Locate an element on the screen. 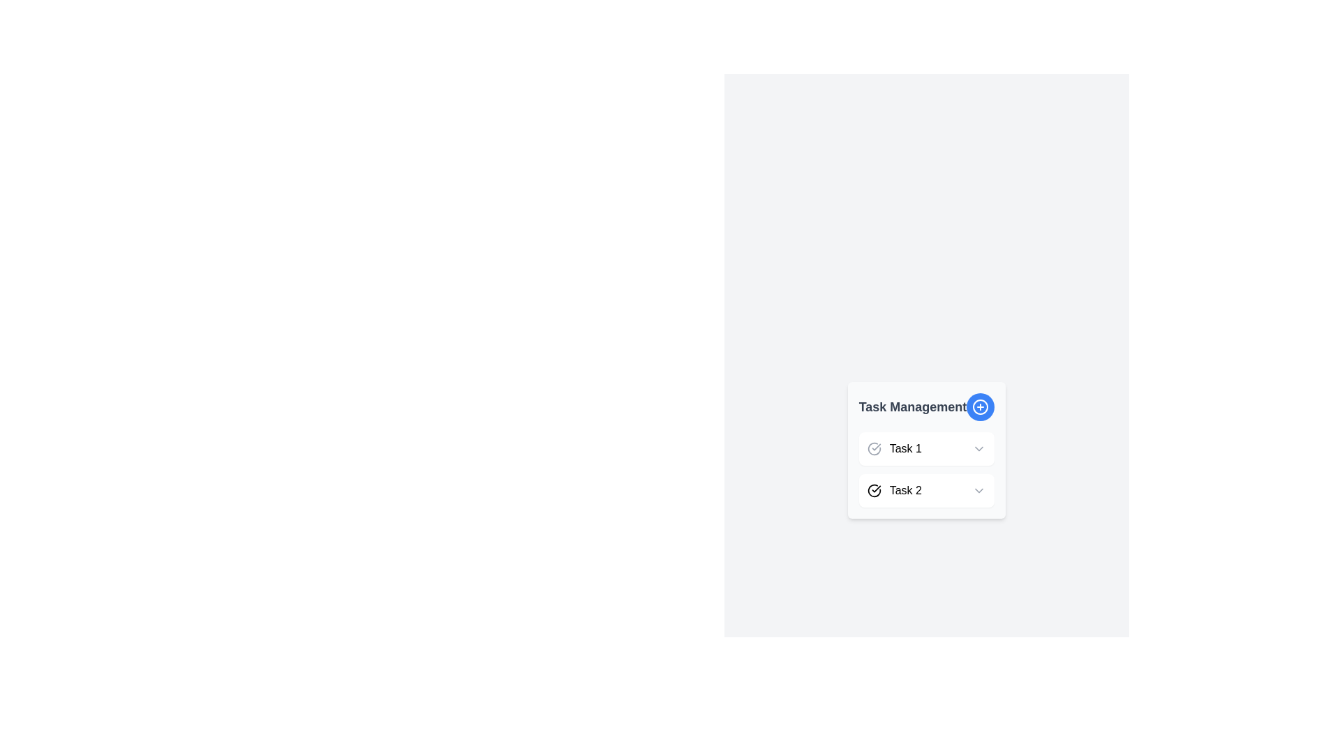 This screenshot has width=1340, height=753. the circular icon with a checkmark inside, which has a gray outline and a white inner background, located to the left of the text 'Task 1' under 'Task Management' is located at coordinates (873, 449).